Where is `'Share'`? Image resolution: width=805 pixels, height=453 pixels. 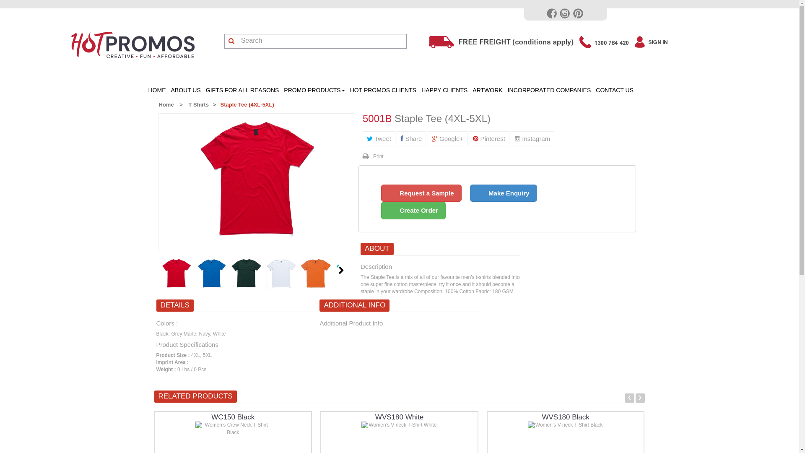 'Share' is located at coordinates (411, 138).